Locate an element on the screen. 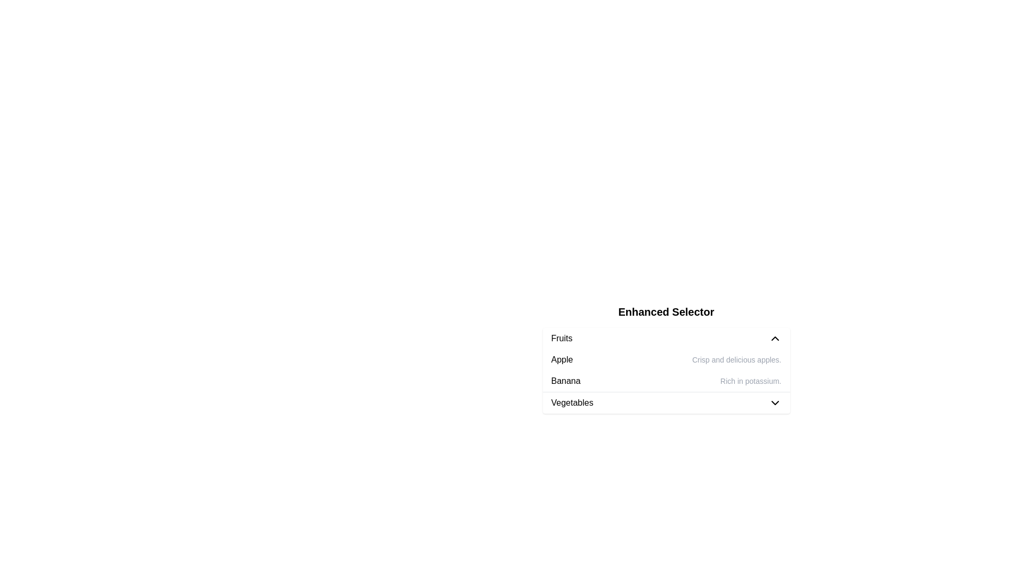  the 'Fruits' text label located in the drop-down menu is located at coordinates (561, 339).